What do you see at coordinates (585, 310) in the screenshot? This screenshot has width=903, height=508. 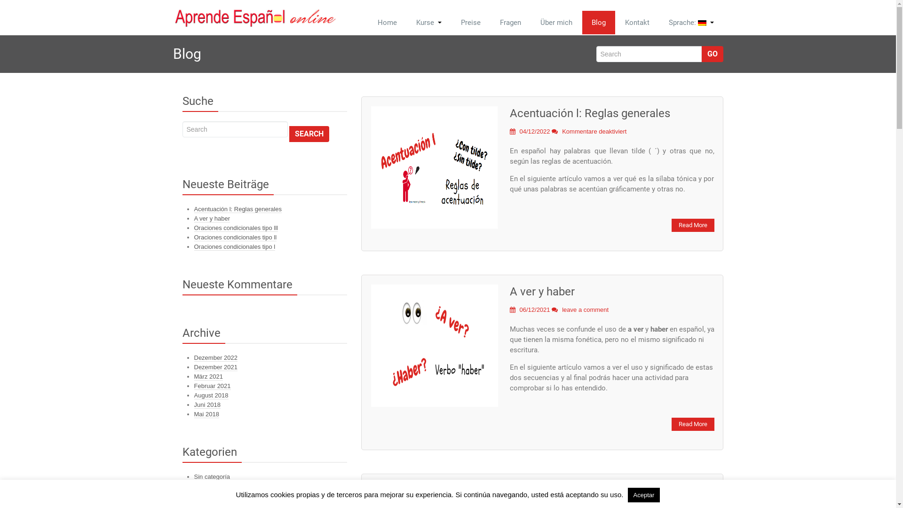 I see `'leave a comment'` at bounding box center [585, 310].